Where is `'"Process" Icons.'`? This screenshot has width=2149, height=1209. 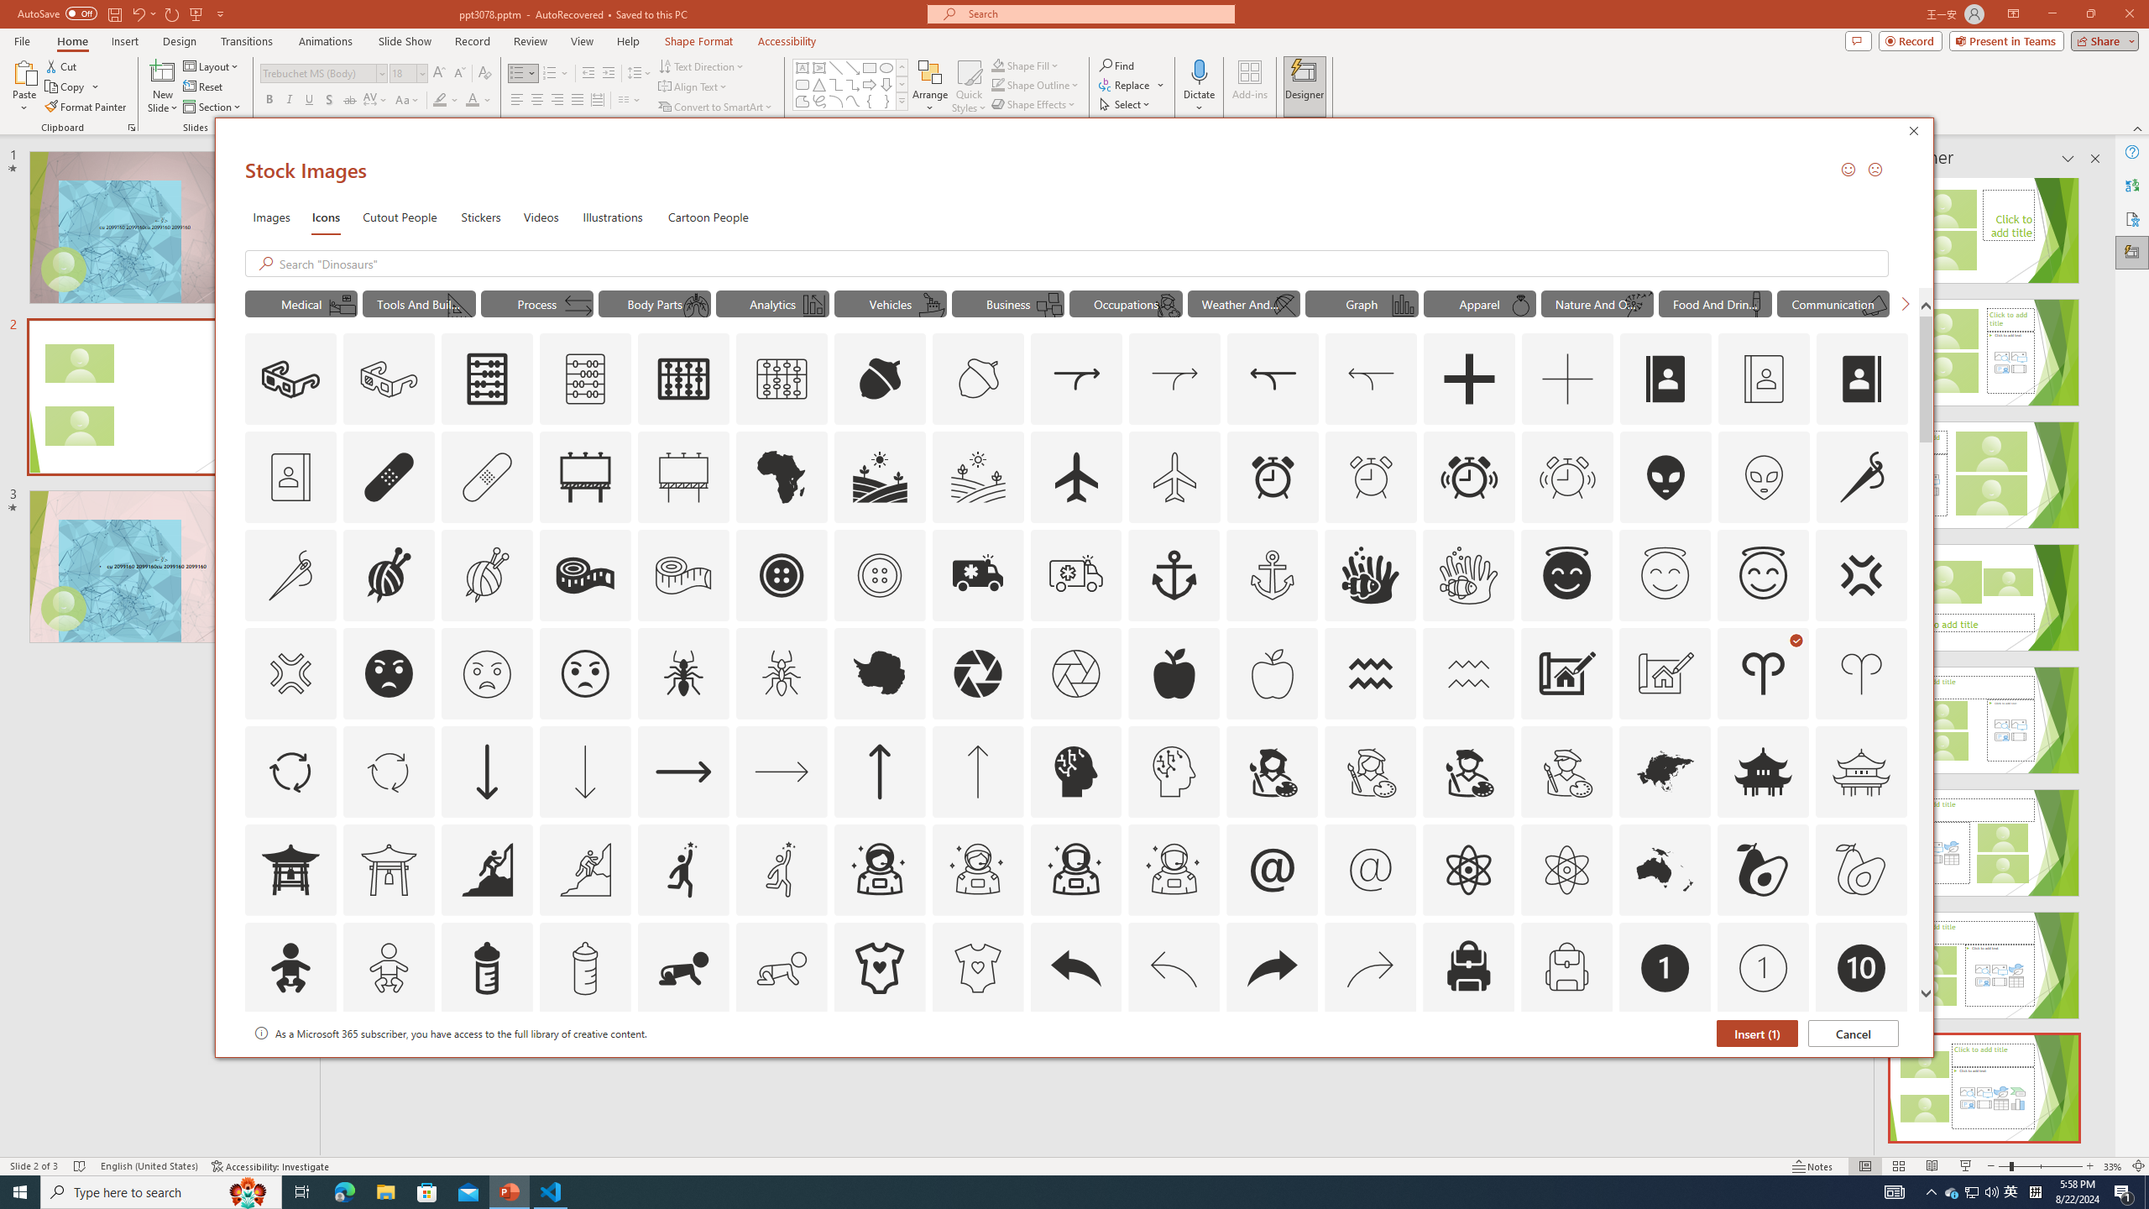
'"Process" Icons.' is located at coordinates (537, 302).